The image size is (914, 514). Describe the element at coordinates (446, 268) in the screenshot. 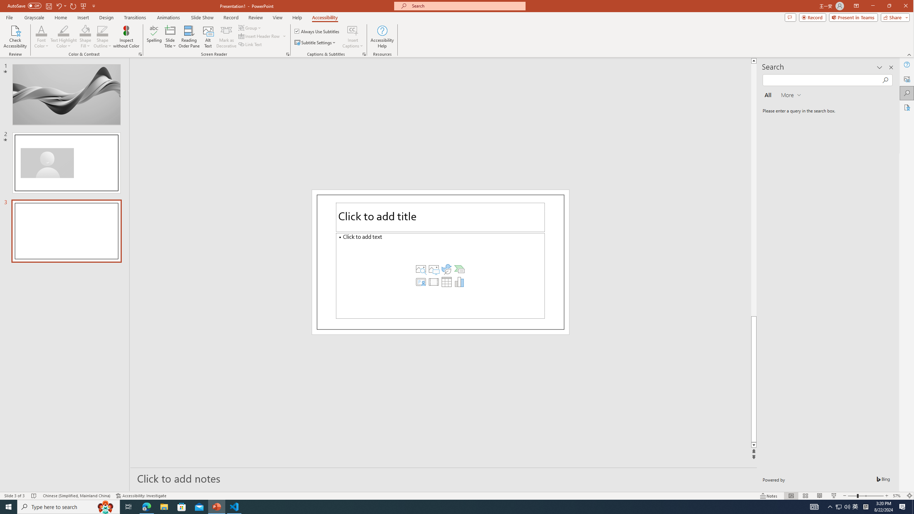

I see `'Insert an Icon'` at that location.